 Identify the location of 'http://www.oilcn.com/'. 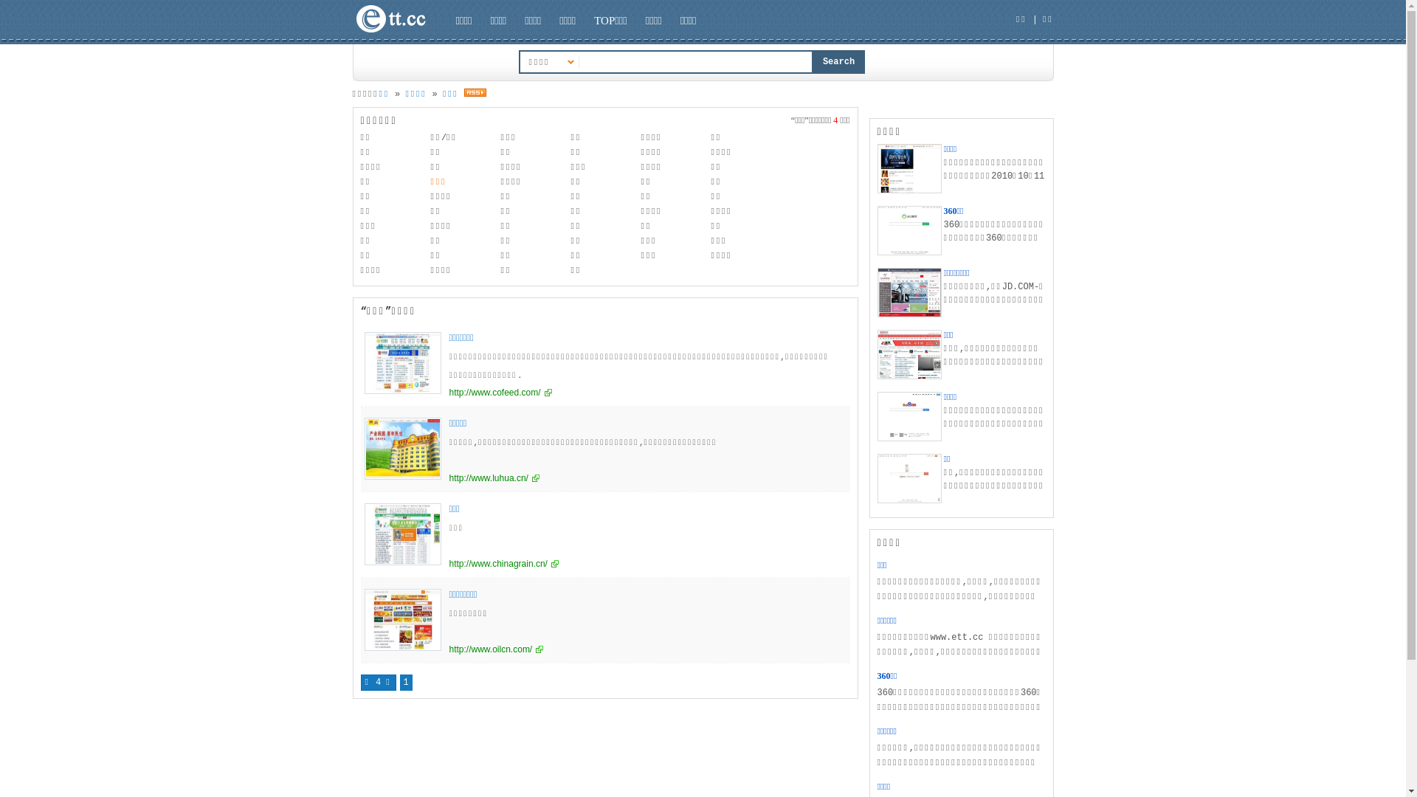
(448, 648).